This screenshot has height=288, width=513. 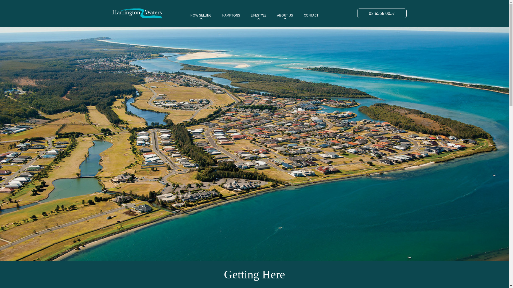 What do you see at coordinates (311, 15) in the screenshot?
I see `'CONTACT'` at bounding box center [311, 15].